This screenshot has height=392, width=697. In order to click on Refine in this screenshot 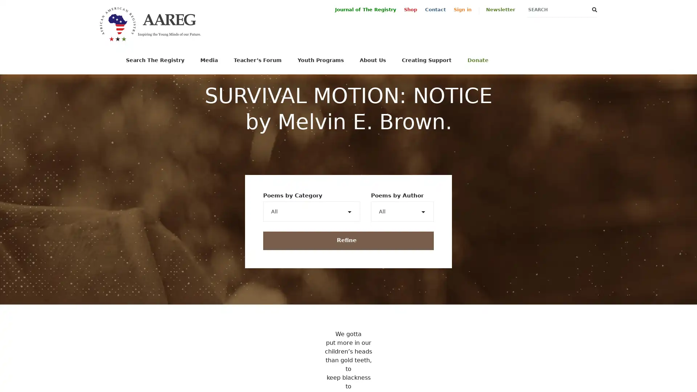, I will do `click(348, 240)`.